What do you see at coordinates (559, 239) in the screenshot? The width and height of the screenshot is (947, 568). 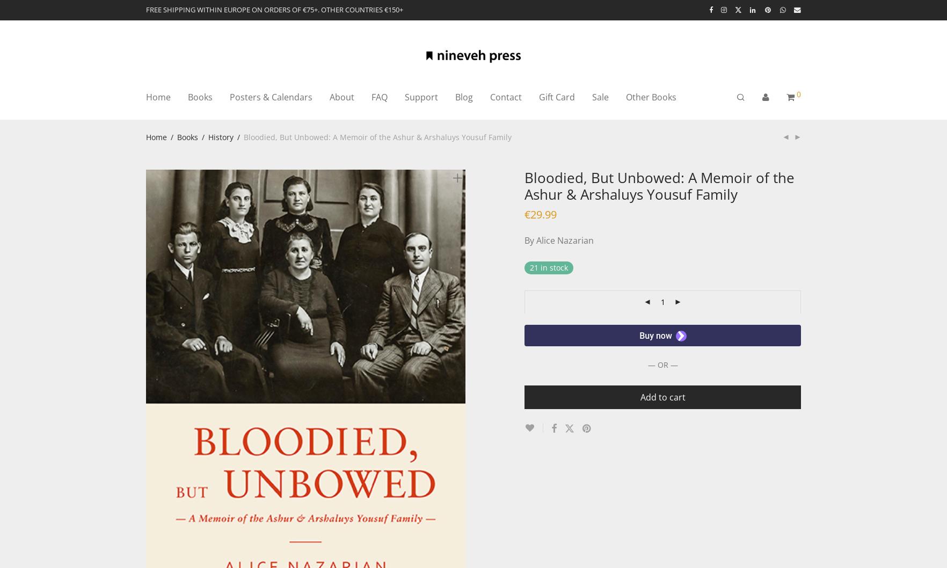 I see `'By Alice Nazarian'` at bounding box center [559, 239].